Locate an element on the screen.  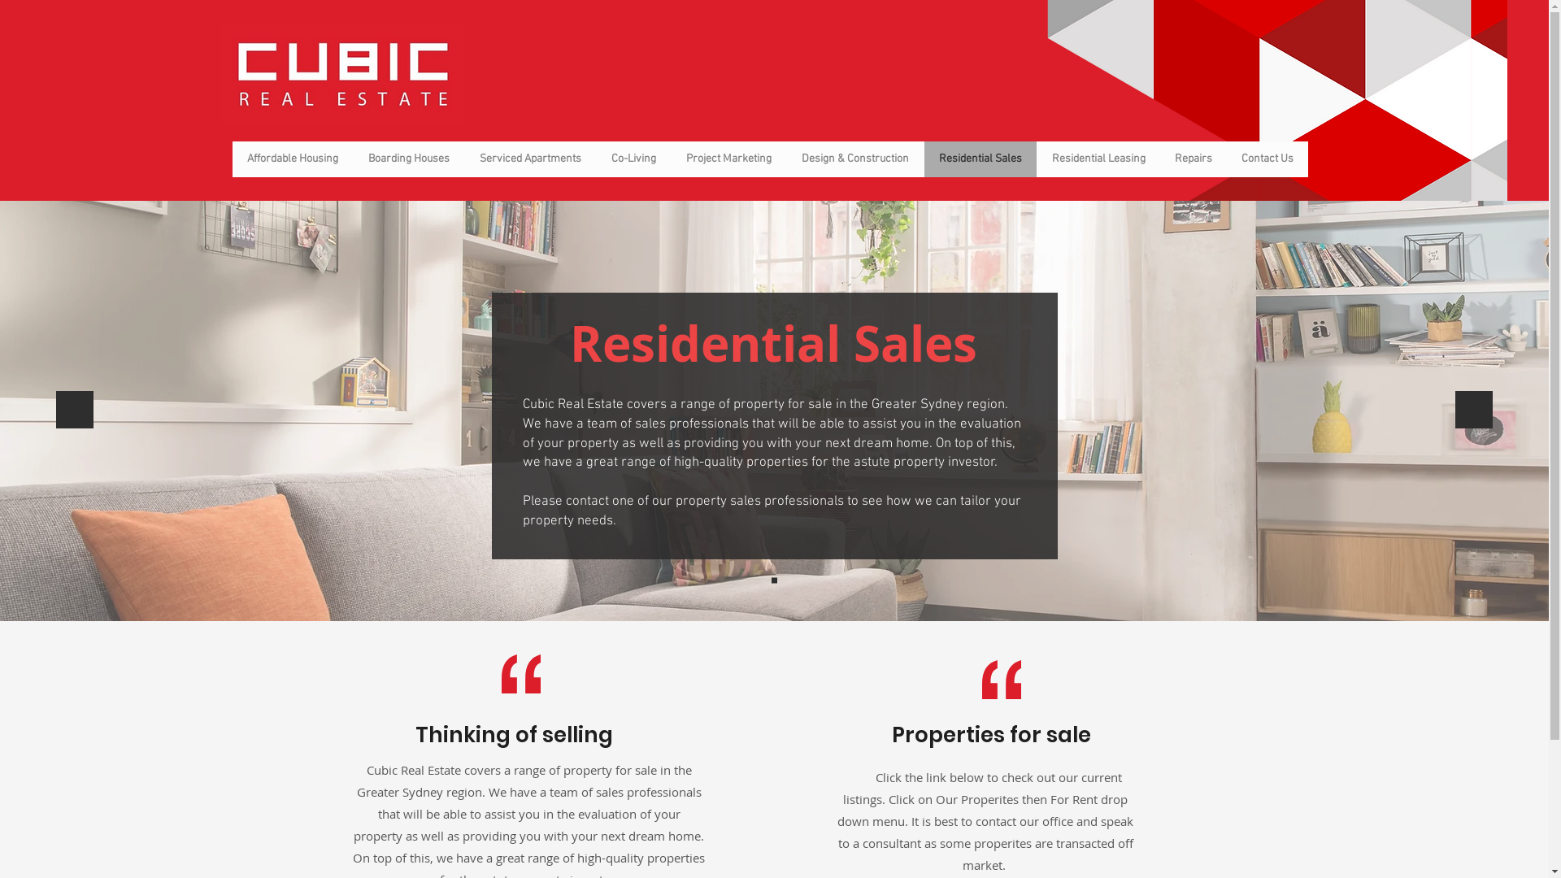
'Residential Leasing' is located at coordinates (1097, 159).